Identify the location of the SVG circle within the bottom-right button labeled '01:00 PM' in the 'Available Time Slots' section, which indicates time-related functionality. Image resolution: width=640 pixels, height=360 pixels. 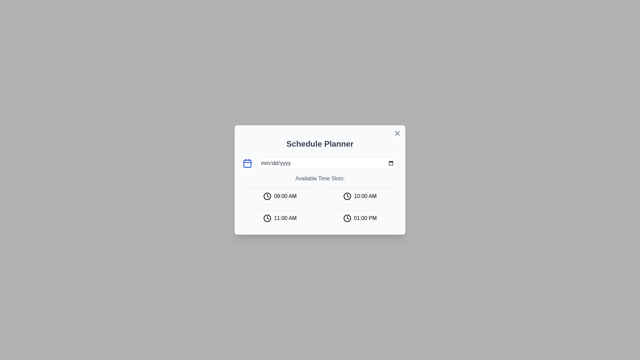
(347, 218).